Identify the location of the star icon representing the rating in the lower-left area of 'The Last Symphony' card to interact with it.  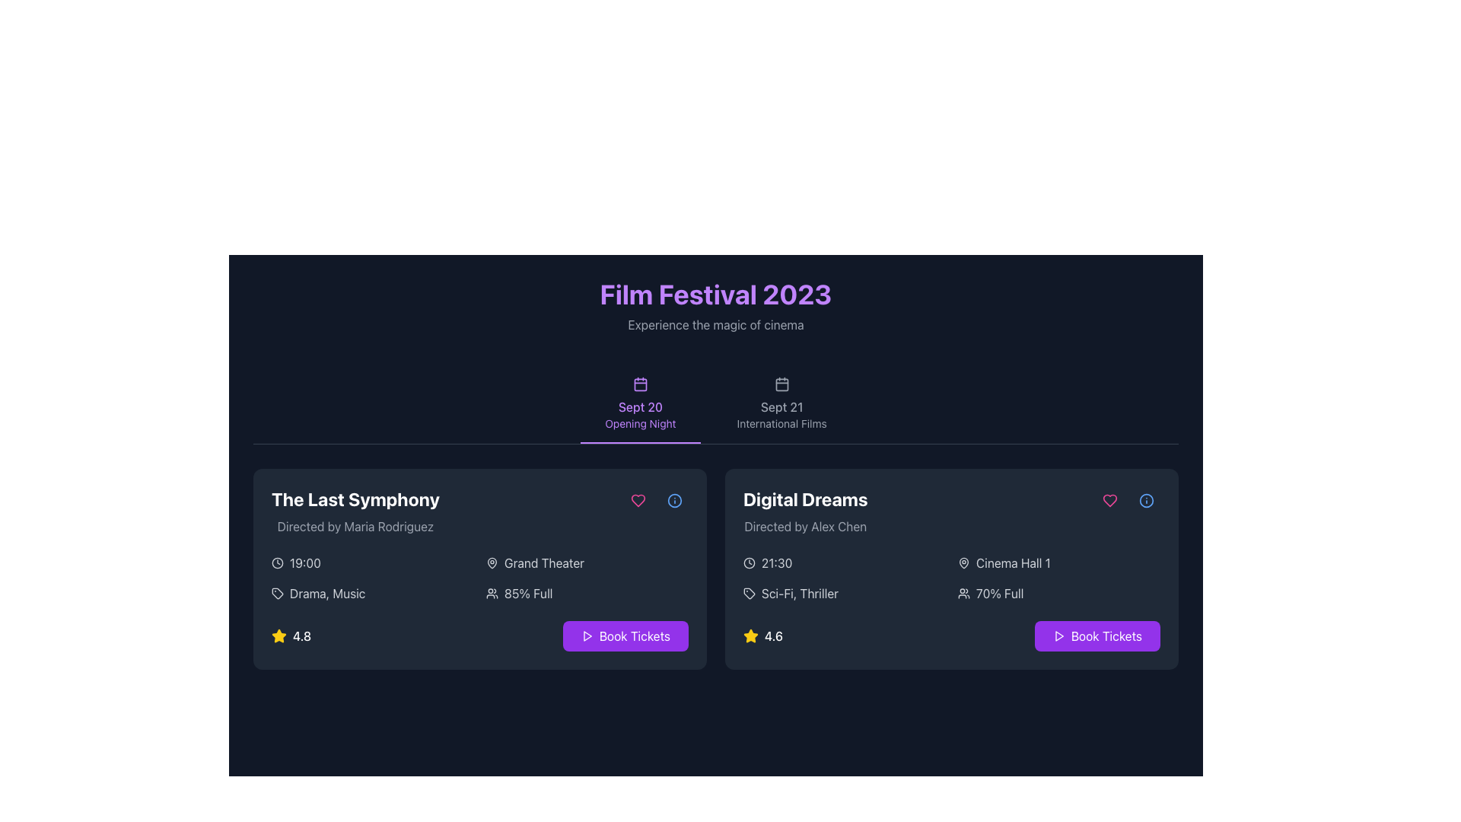
(279, 636).